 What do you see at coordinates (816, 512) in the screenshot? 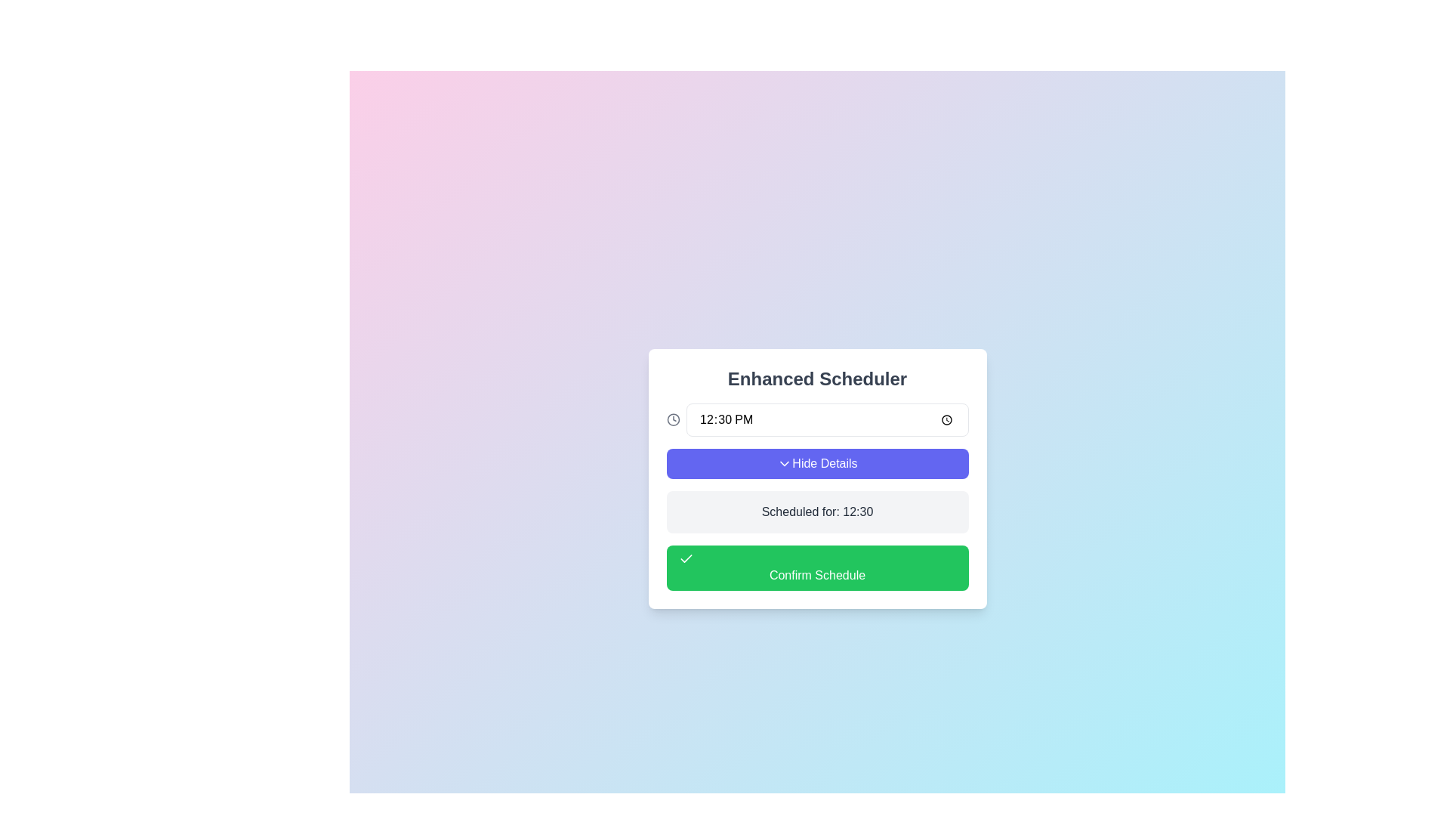
I see `the static label displaying the scheduled time value ('Scheduled for: 12:30') located above the 'Confirm Schedule' green button and below the 'Hide Details' button` at bounding box center [816, 512].